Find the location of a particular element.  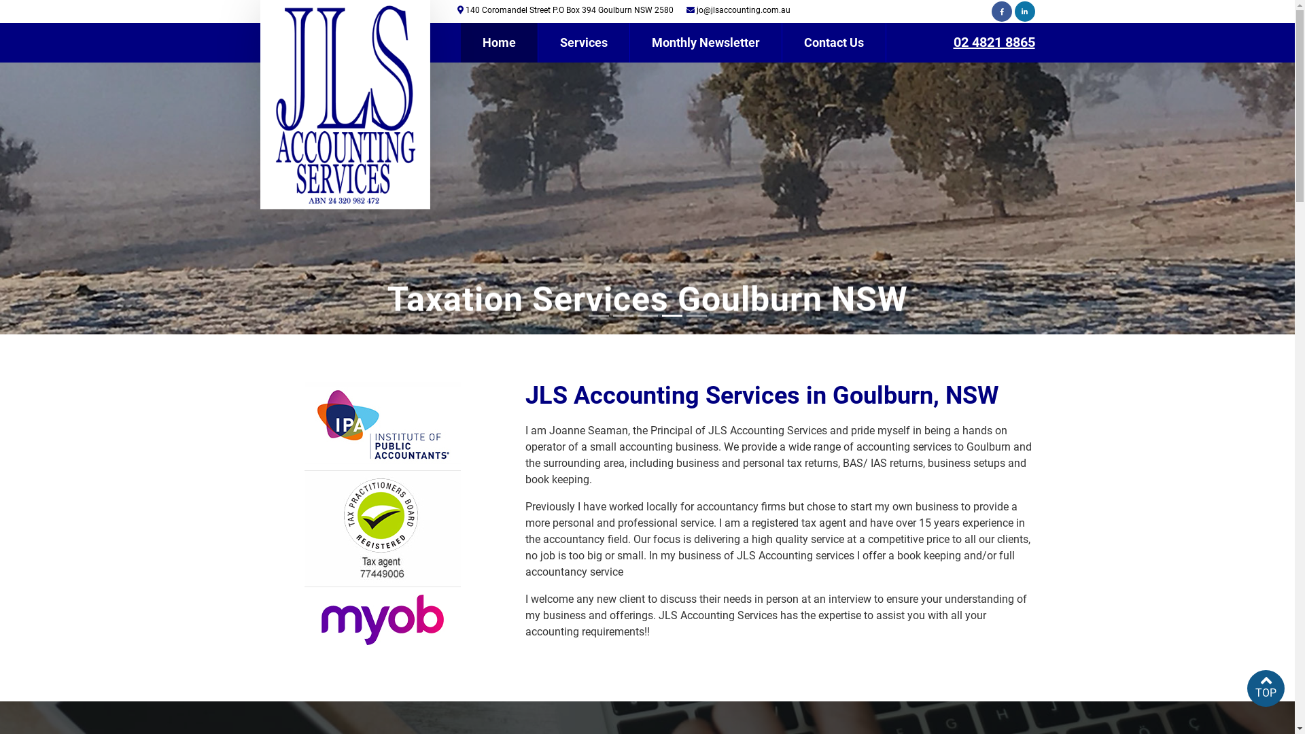

'Home' is located at coordinates (460, 41).